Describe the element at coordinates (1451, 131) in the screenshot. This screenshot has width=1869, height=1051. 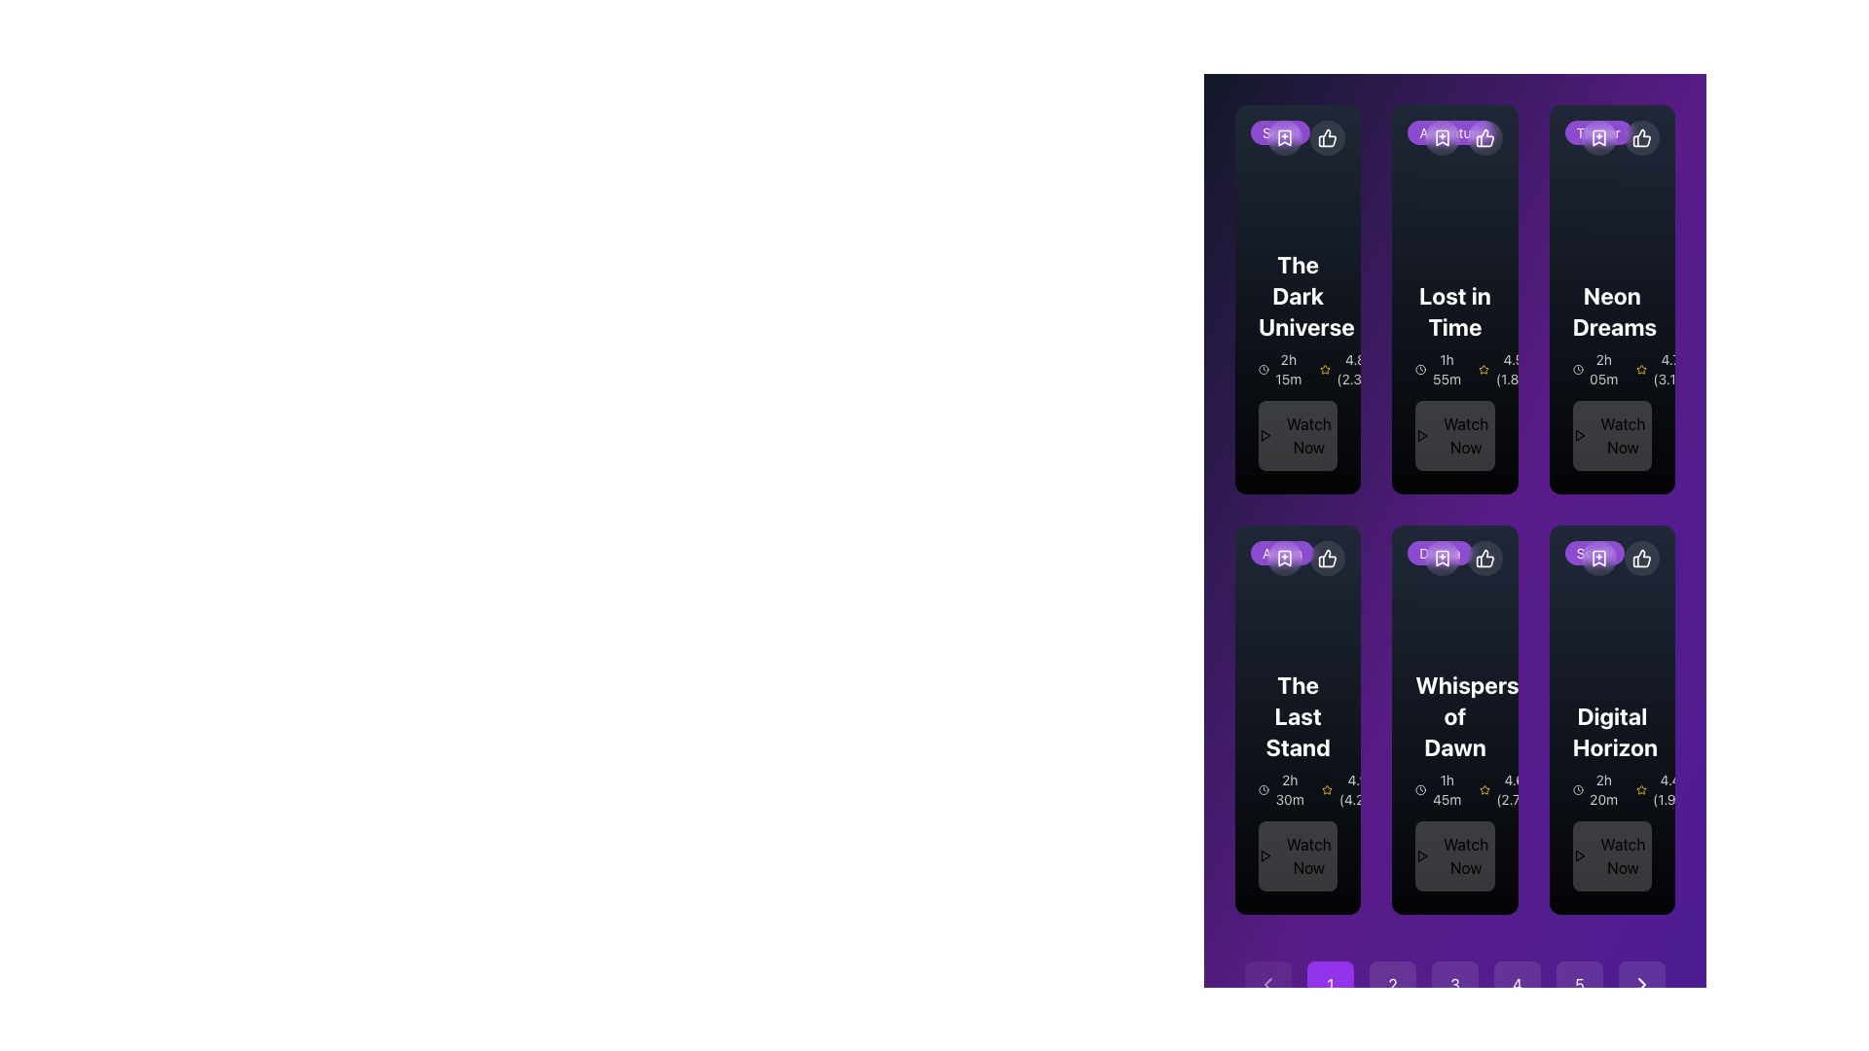
I see `the 'Adventure' label that displays the genre for the movie 'Lost in Time', located in the second column of the first row of the grid layout` at that location.